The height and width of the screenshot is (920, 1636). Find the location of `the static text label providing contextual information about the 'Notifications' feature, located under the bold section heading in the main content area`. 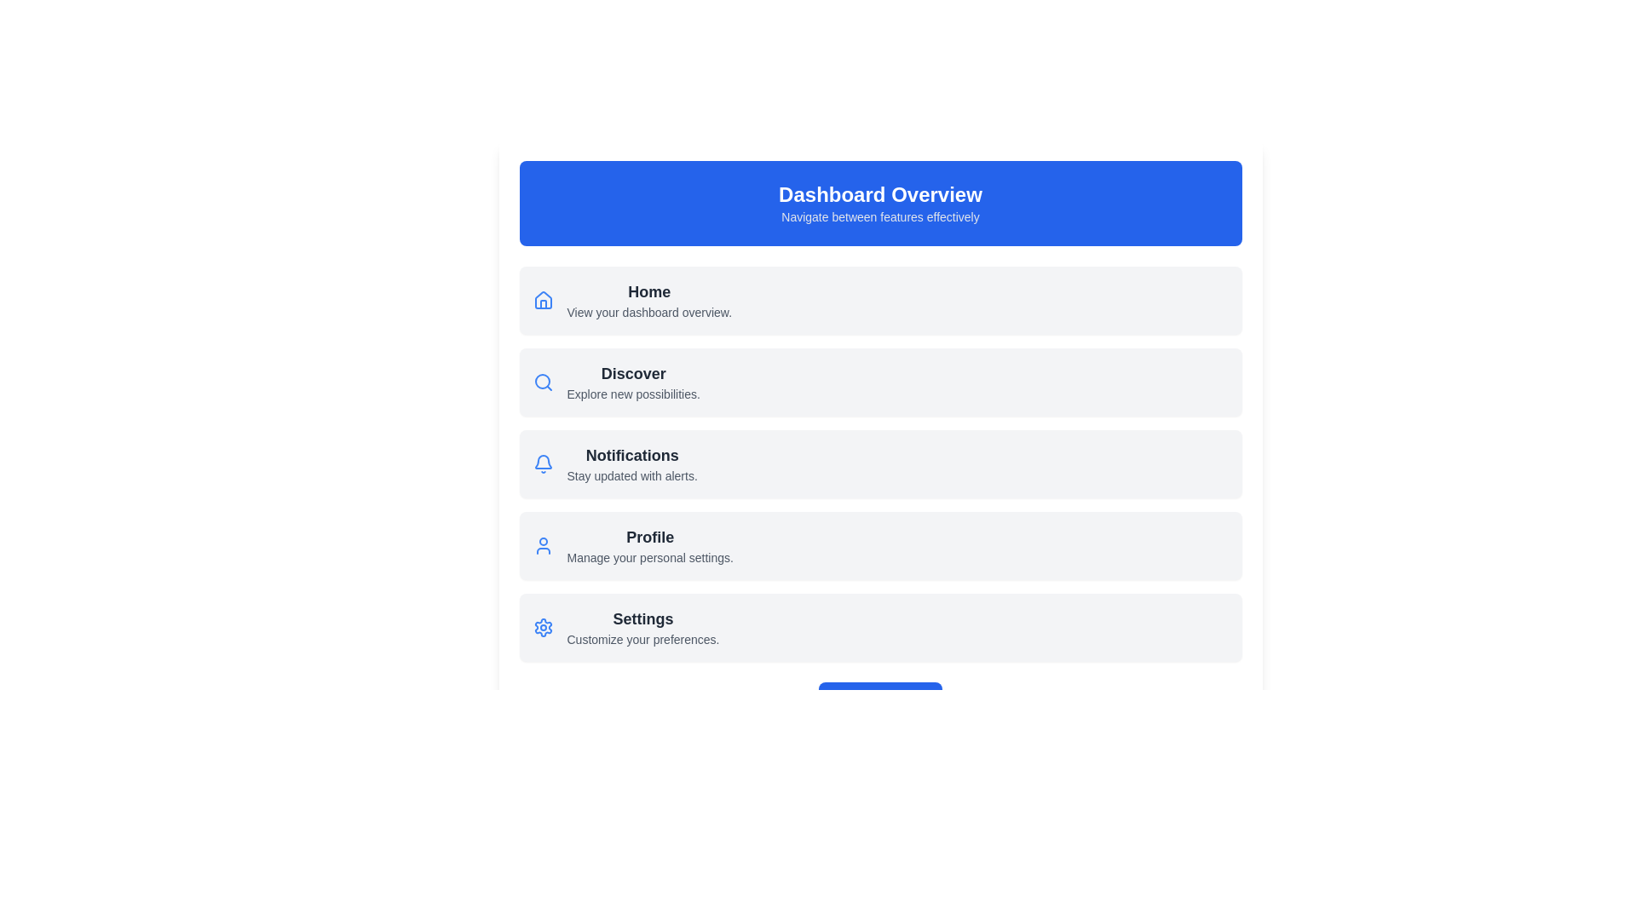

the static text label providing contextual information about the 'Notifications' feature, located under the bold section heading in the main content area is located at coordinates (631, 476).